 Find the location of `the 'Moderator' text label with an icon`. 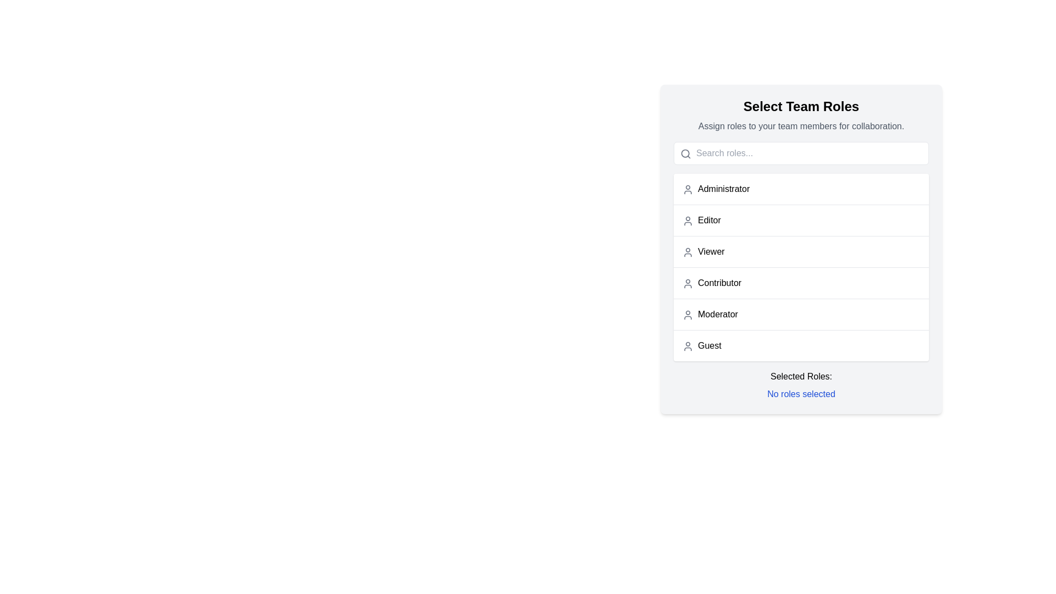

the 'Moderator' text label with an icon is located at coordinates (710, 314).